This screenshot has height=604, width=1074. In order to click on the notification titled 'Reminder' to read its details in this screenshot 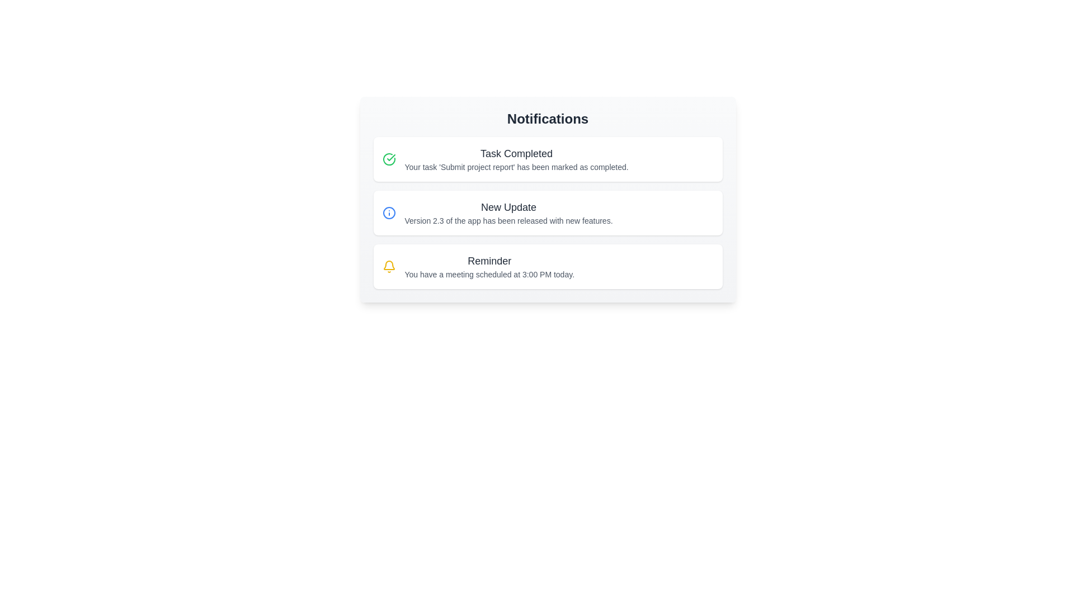, I will do `click(548, 267)`.